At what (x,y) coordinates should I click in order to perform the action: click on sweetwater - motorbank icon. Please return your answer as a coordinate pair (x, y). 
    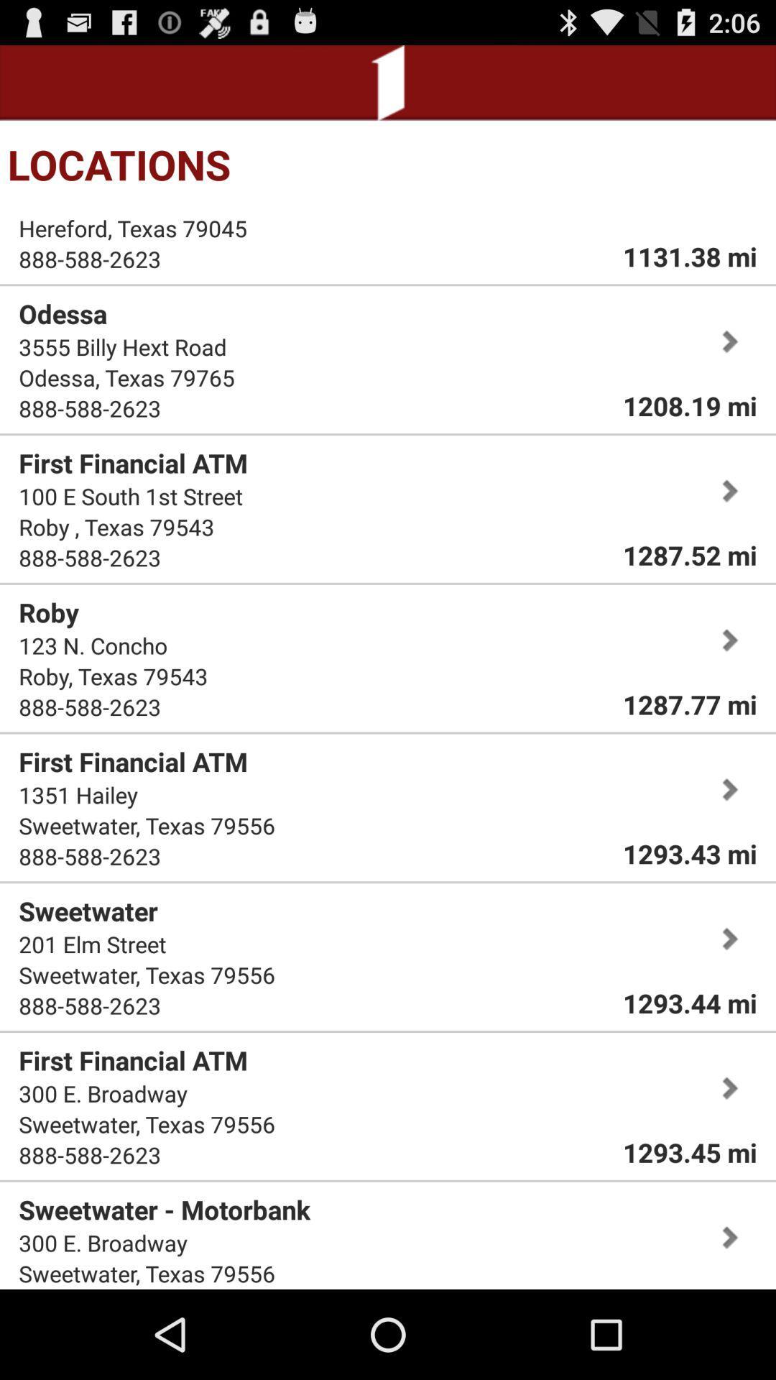
    Looking at the image, I should click on (164, 1209).